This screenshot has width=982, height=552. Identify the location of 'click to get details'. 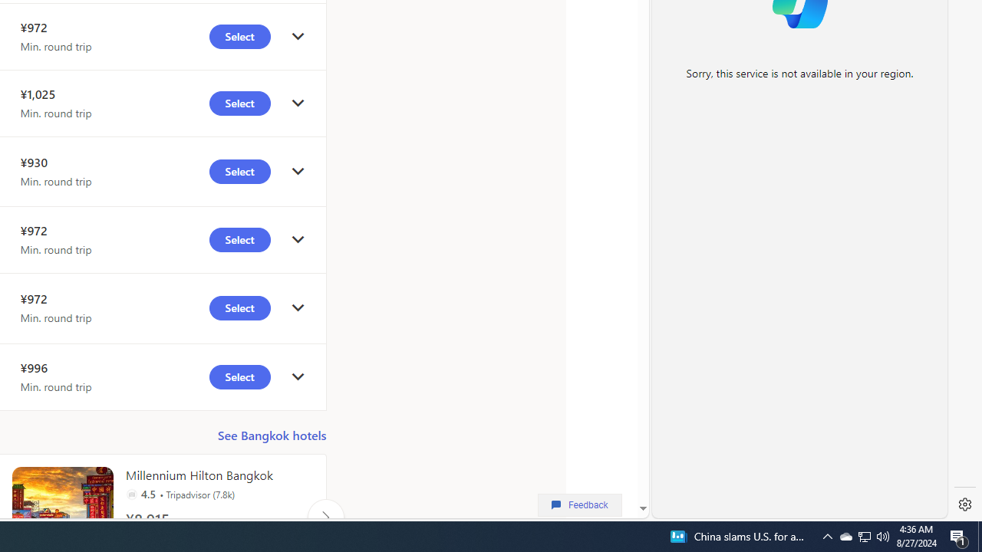
(298, 376).